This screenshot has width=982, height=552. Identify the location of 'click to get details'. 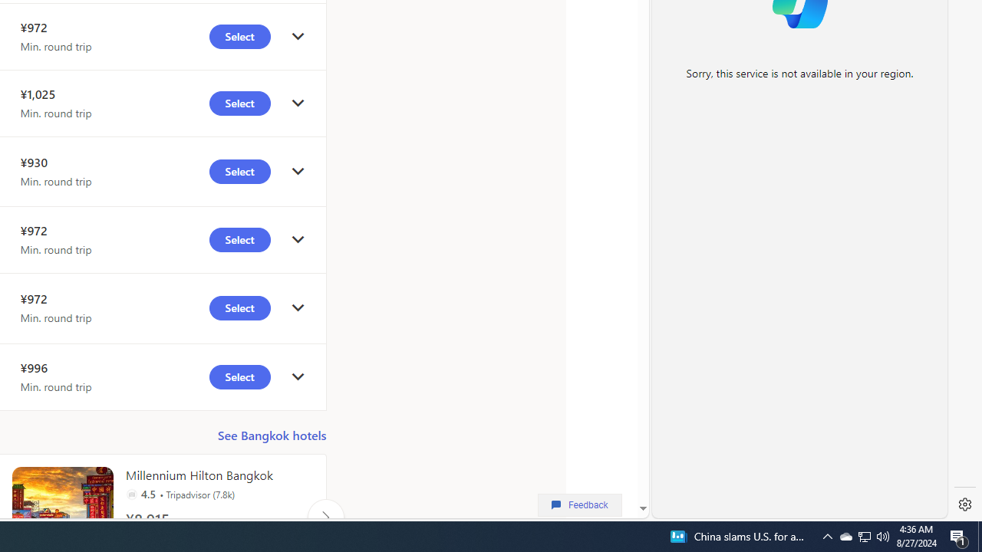
(298, 376).